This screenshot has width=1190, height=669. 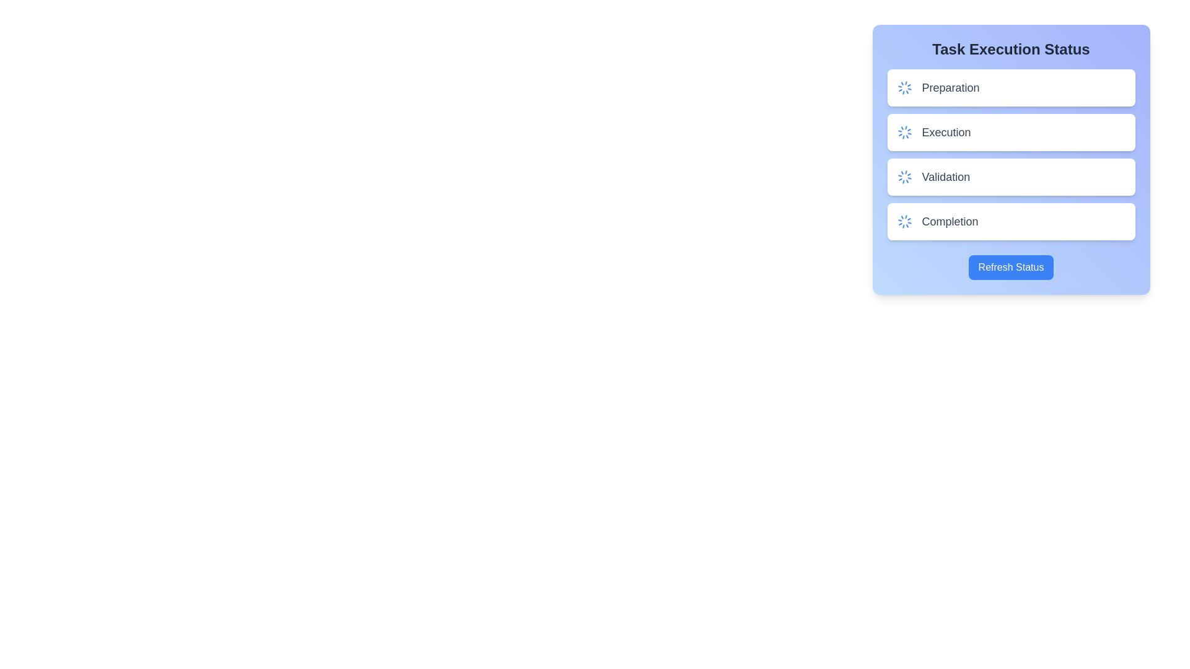 What do you see at coordinates (949, 221) in the screenshot?
I see `the 'Completion' text label, which indicates the status of a task execution process` at bounding box center [949, 221].